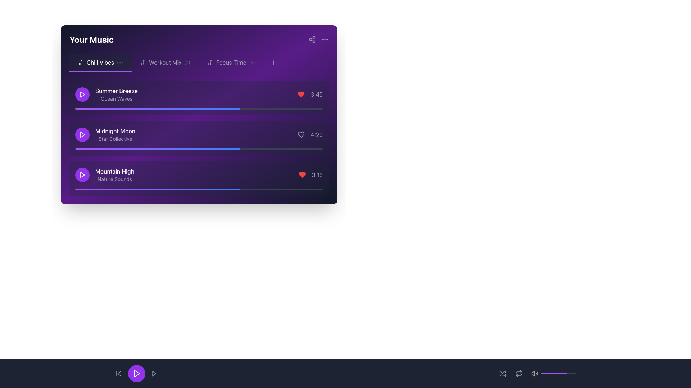 This screenshot has height=388, width=691. Describe the element at coordinates (199, 189) in the screenshot. I see `the progress bar indicating playback progress of the track 'Mountain High' located at the bottom of the 'Your Music' interface` at that location.